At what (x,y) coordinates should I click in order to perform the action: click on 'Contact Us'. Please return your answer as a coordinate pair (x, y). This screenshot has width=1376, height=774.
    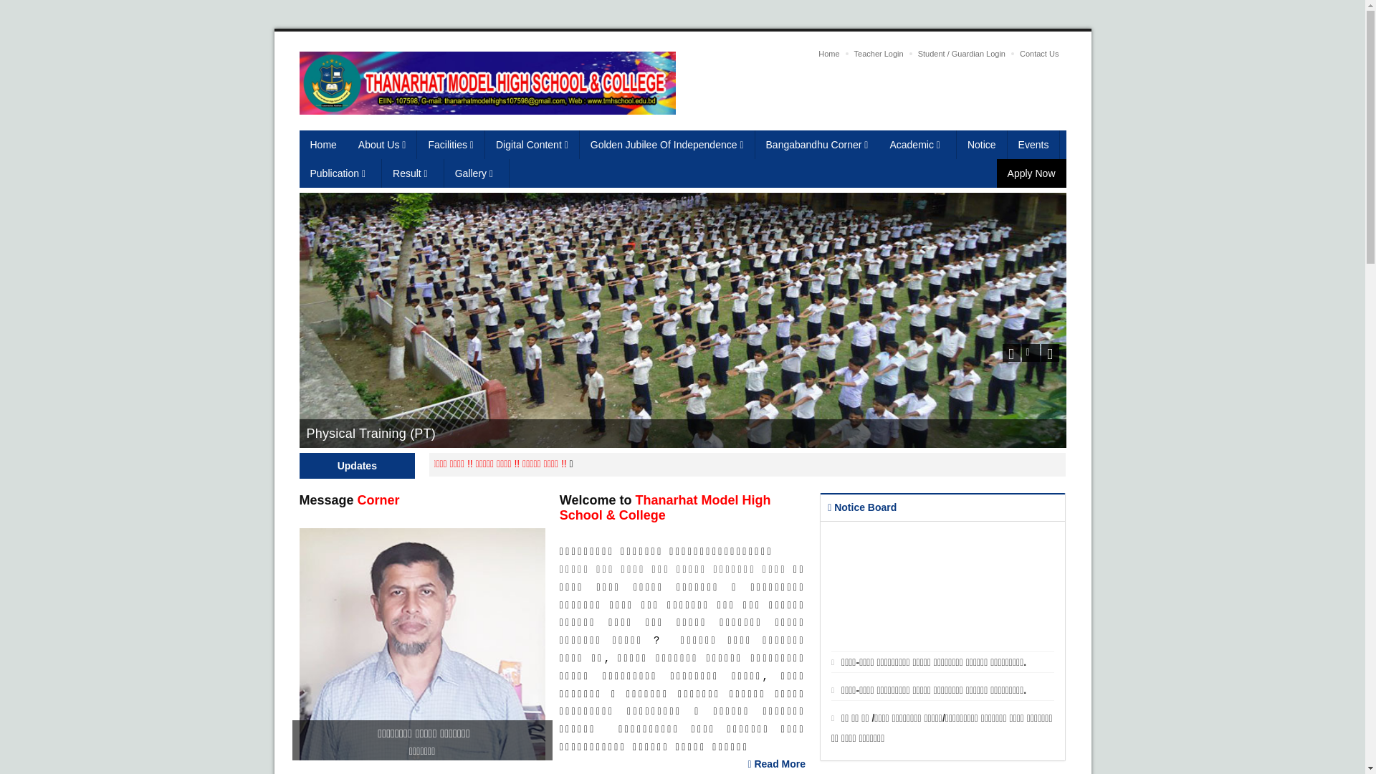
    Looking at the image, I should click on (1011, 52).